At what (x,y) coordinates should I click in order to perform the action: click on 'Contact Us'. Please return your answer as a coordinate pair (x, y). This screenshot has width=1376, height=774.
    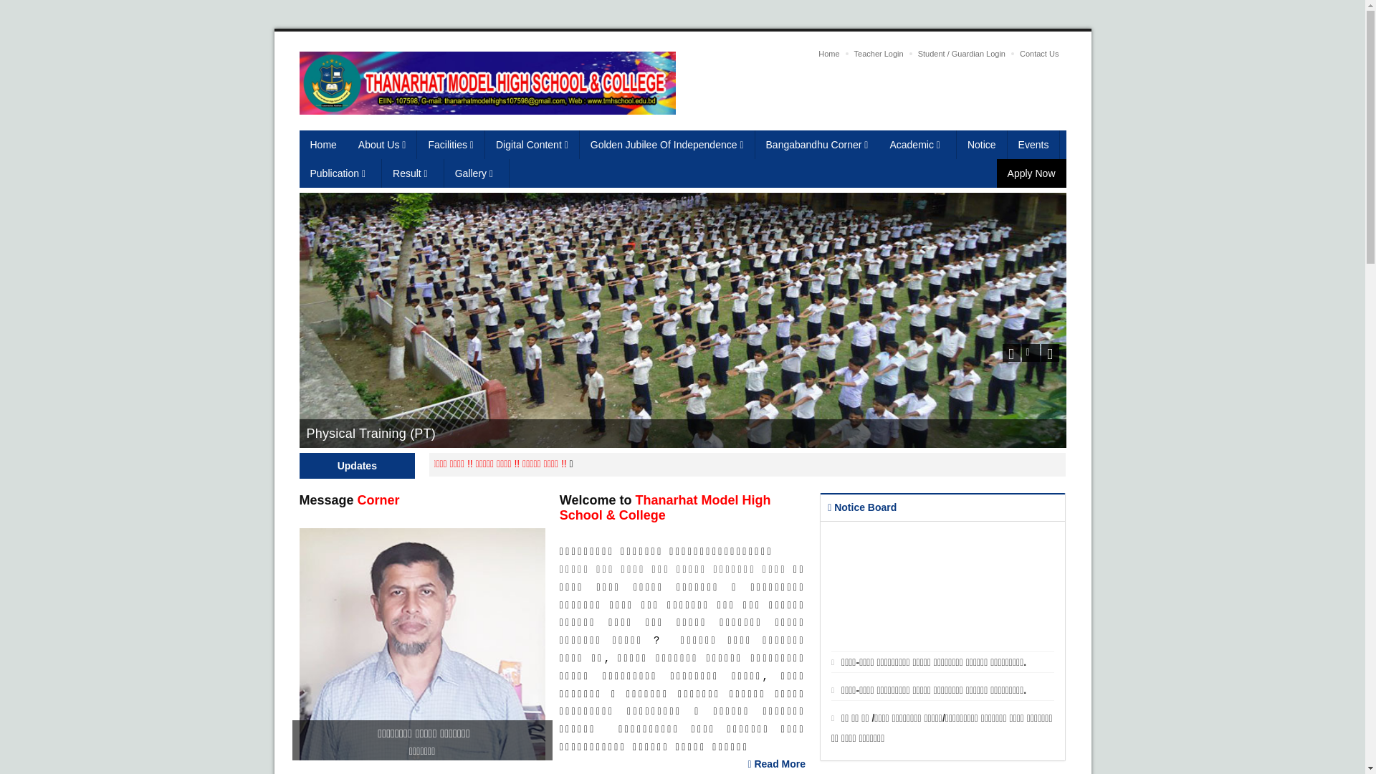
    Looking at the image, I should click on (1011, 52).